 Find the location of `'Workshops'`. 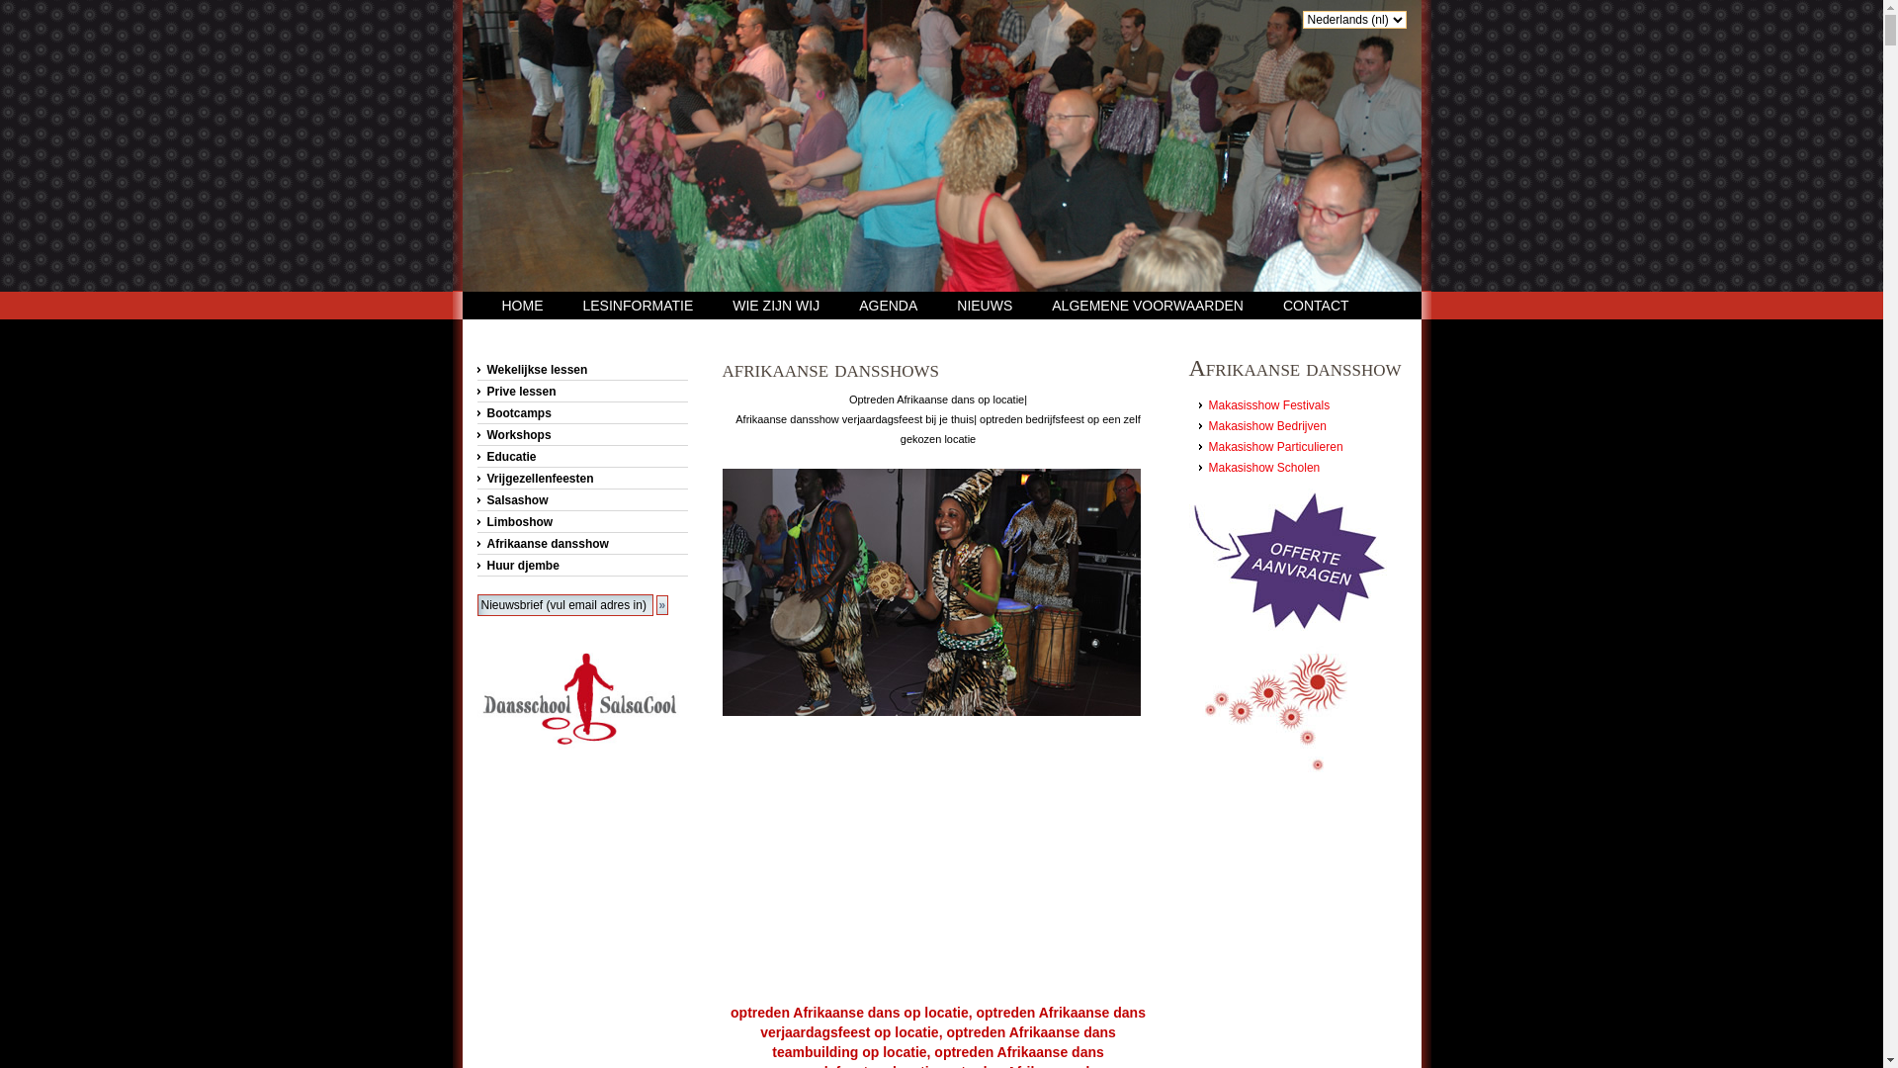

'Workshops' is located at coordinates (580, 433).